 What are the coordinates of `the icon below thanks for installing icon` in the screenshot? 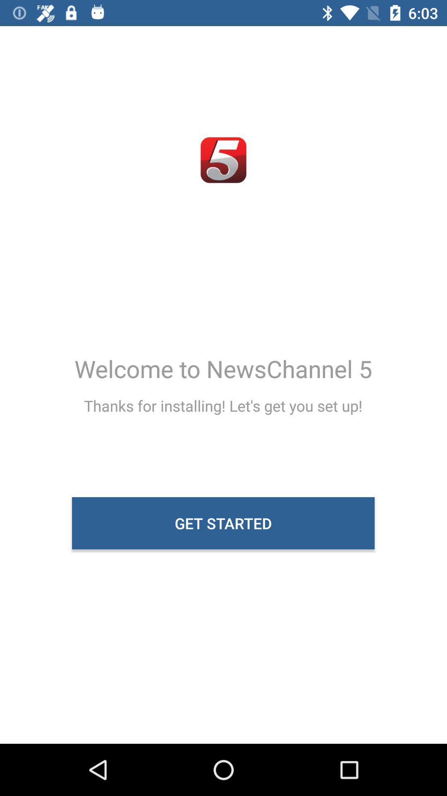 It's located at (223, 523).